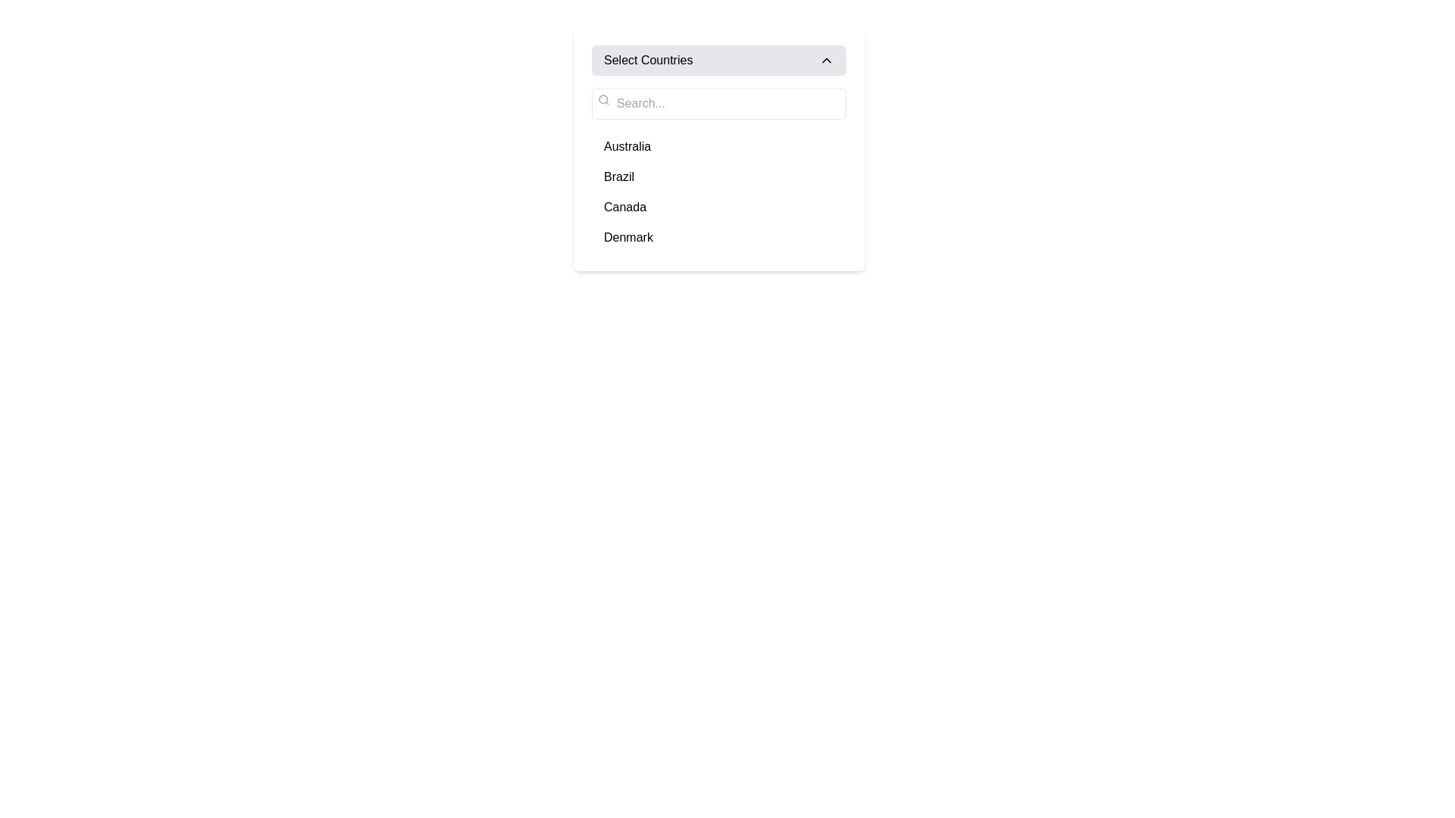 The image size is (1455, 818). I want to click on the chevron icon at the far right end of the 'Select Countries' header bar to activate effects, so click(825, 60).